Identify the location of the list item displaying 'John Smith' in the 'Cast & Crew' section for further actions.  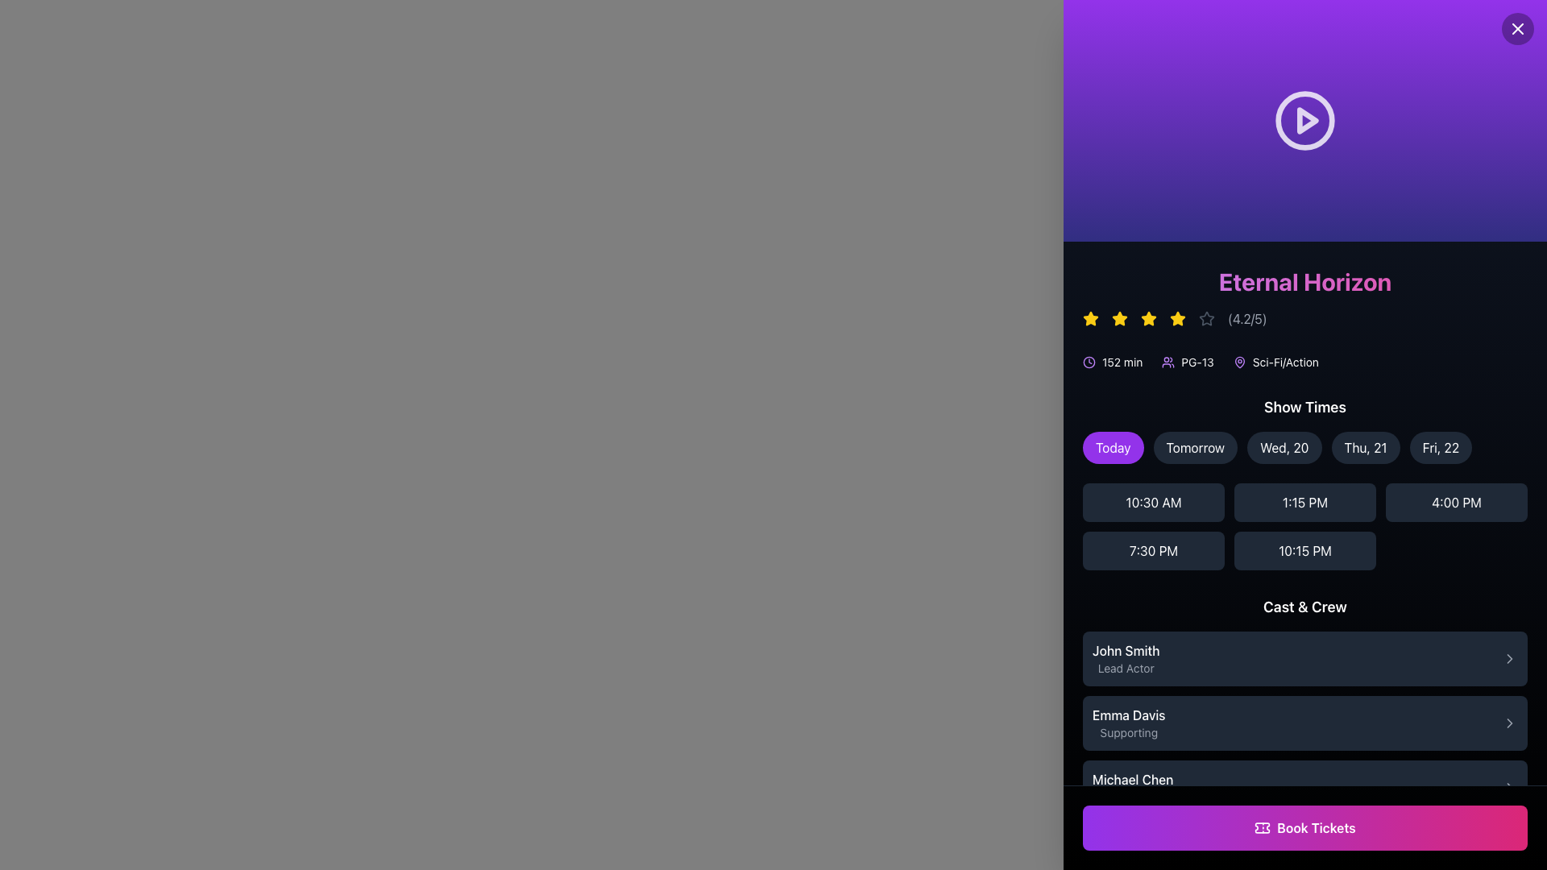
(1305, 658).